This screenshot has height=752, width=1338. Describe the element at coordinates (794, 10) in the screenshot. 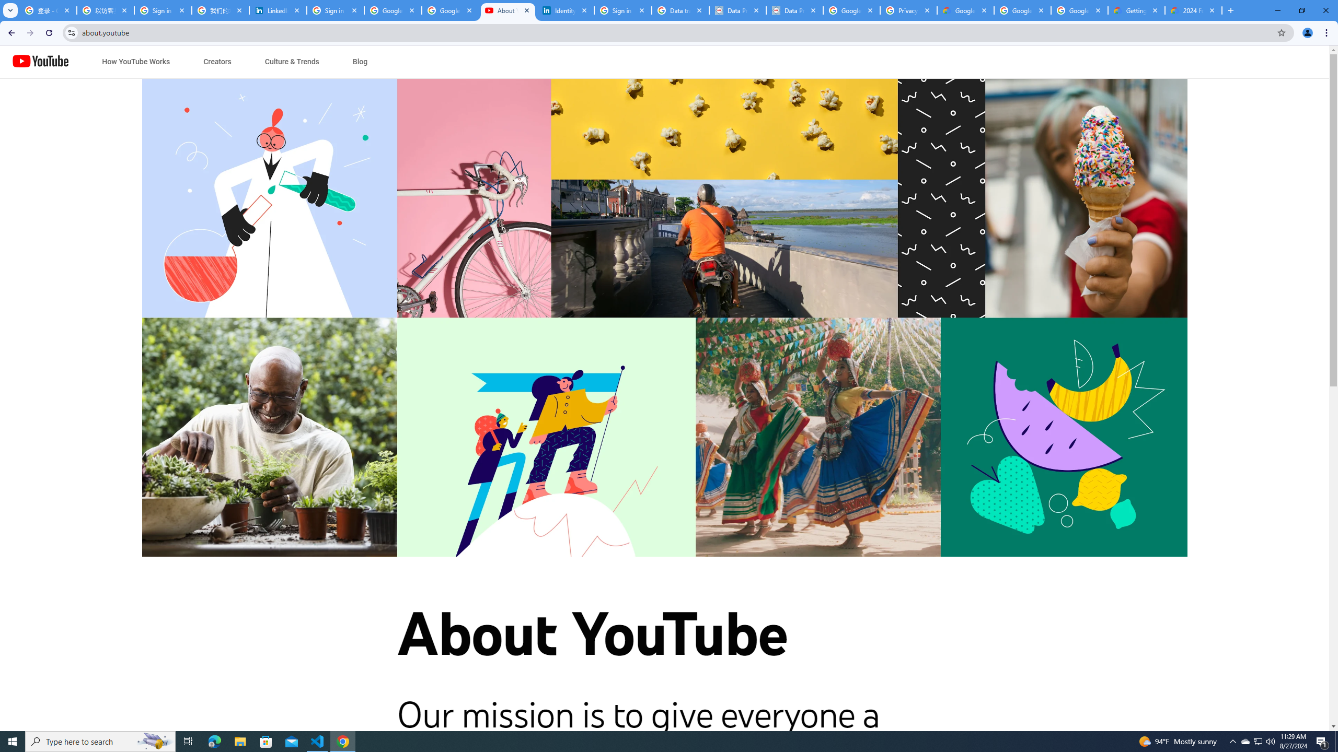

I see `'Data Privacy Framework'` at that location.